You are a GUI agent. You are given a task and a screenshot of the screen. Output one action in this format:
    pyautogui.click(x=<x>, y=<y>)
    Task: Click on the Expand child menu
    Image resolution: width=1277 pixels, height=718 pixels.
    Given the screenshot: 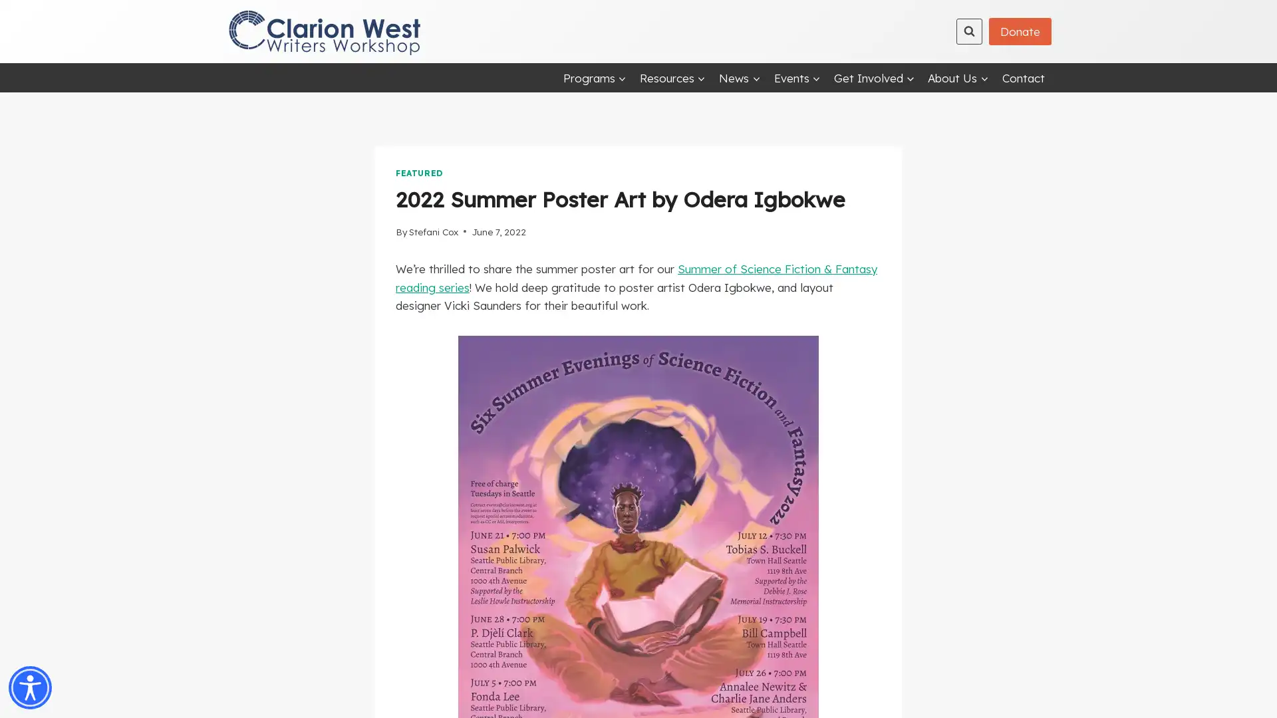 What is the action you would take?
    pyautogui.click(x=593, y=77)
    